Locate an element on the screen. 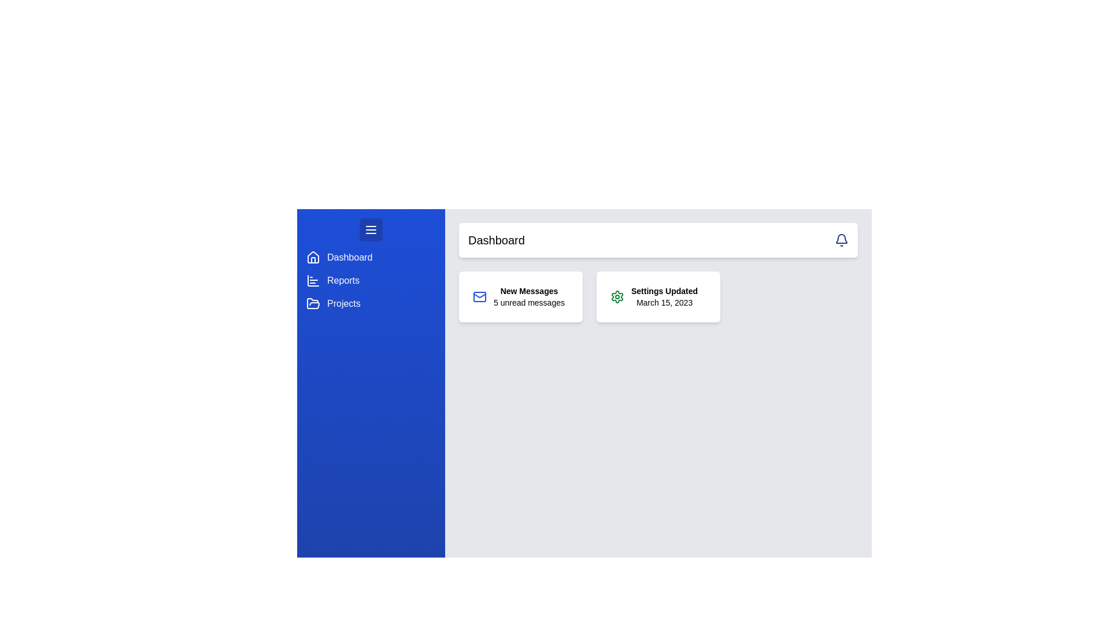 The image size is (1110, 624). information displayed in the Text Display element showing 'Settings Updated' and the date 'March 15, 2023', located in the upper right section of the interface is located at coordinates (664, 296).